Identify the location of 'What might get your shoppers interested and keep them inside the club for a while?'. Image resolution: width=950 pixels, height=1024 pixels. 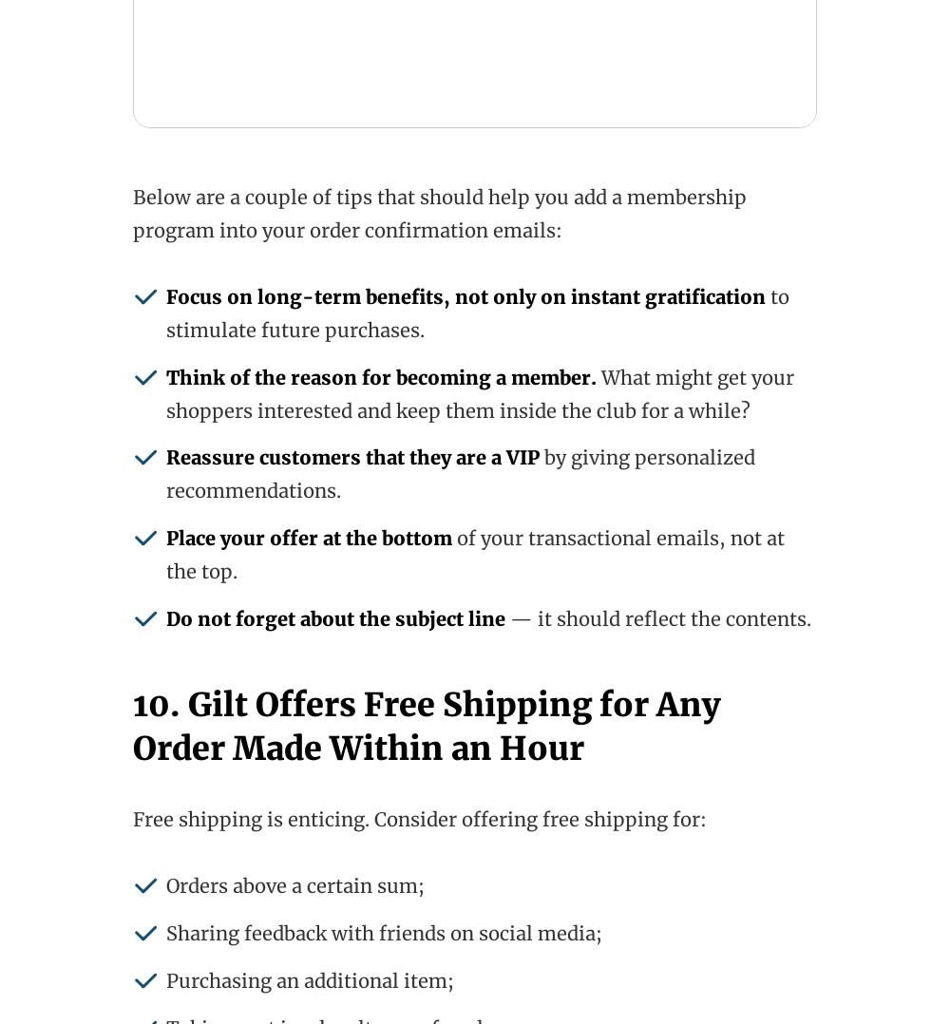
(480, 391).